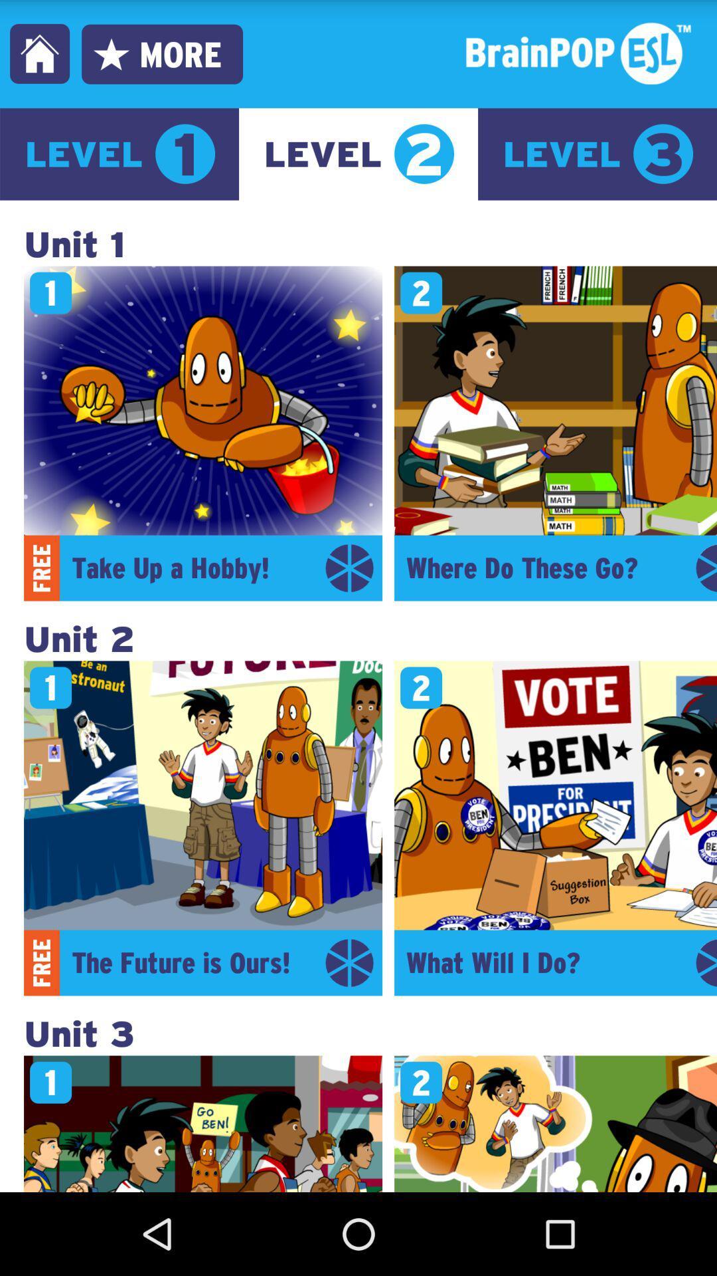  Describe the element at coordinates (202, 1123) in the screenshot. I see `the image below unit 3` at that location.